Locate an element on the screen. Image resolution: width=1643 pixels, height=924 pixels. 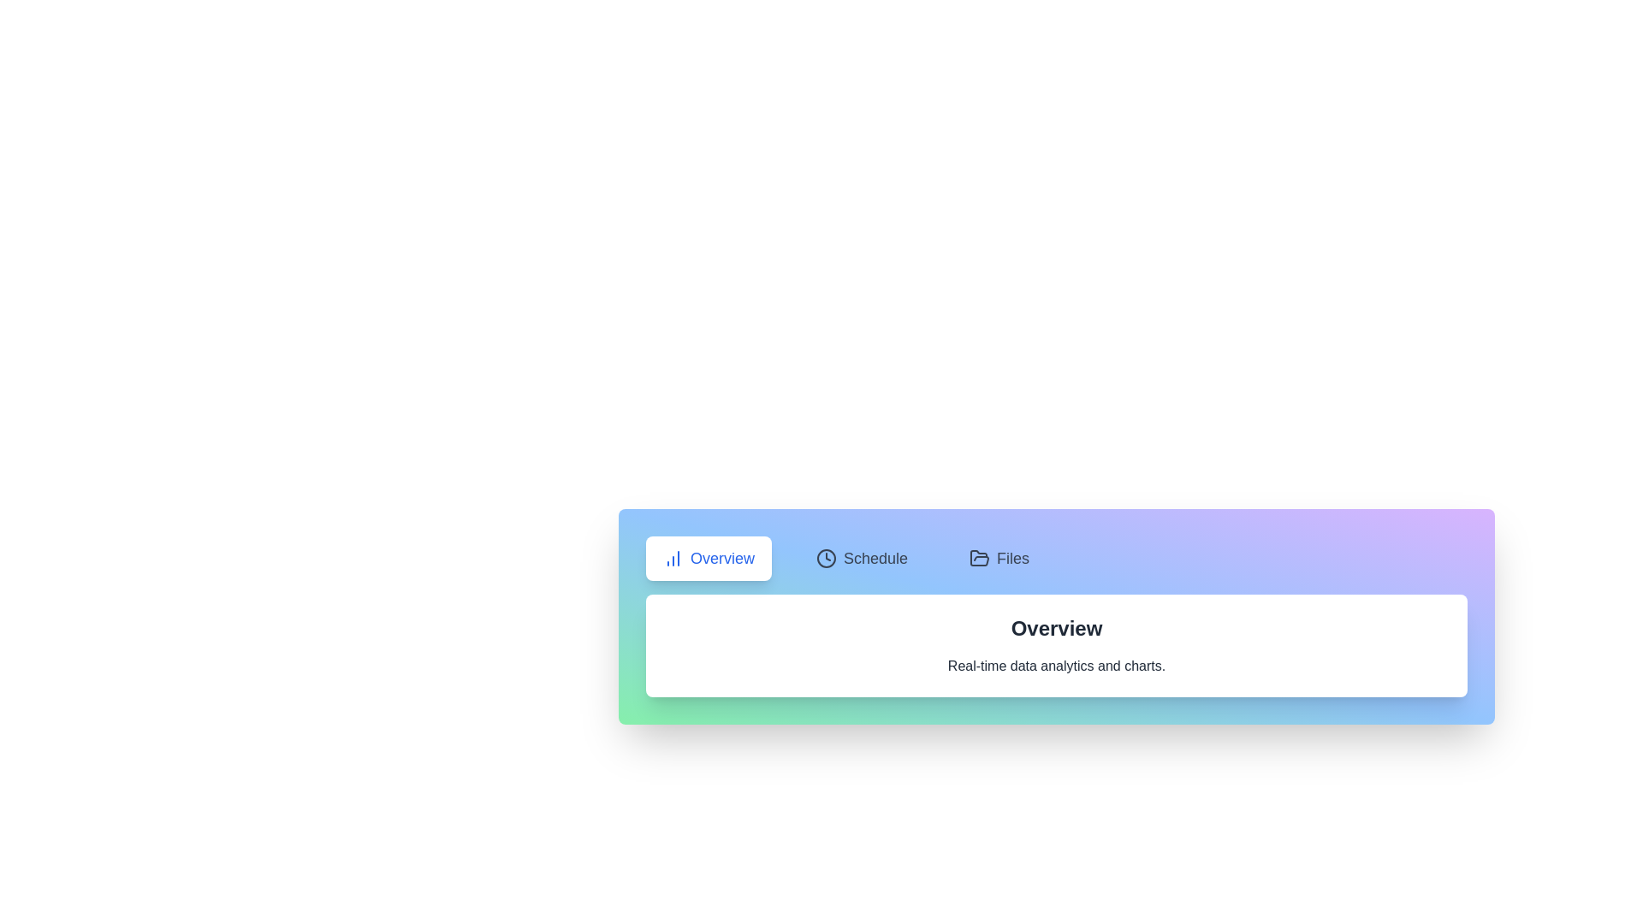
the Schedule tab by clicking on its button is located at coordinates (862, 558).